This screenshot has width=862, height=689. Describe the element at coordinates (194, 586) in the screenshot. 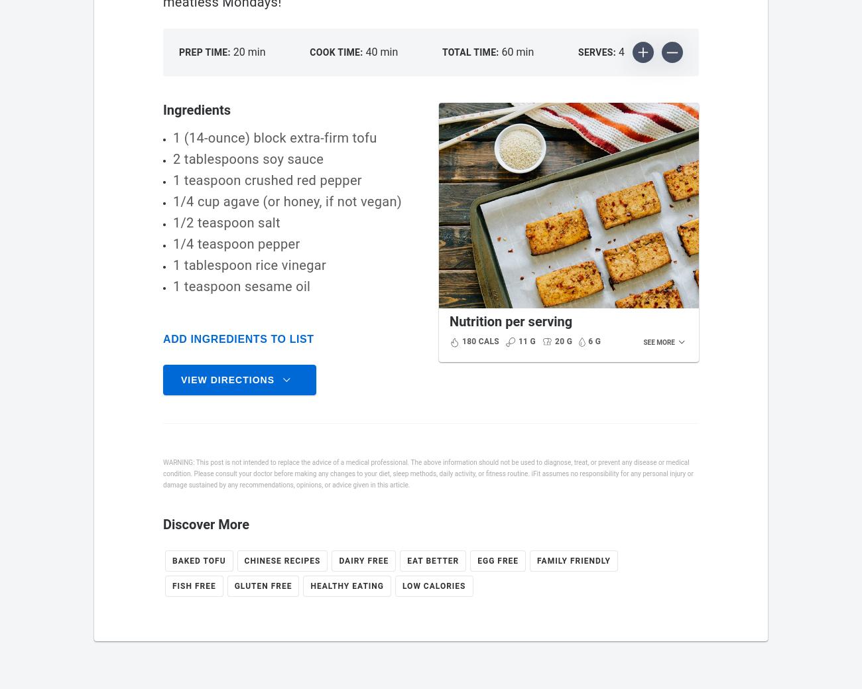

I see `'fish free'` at that location.